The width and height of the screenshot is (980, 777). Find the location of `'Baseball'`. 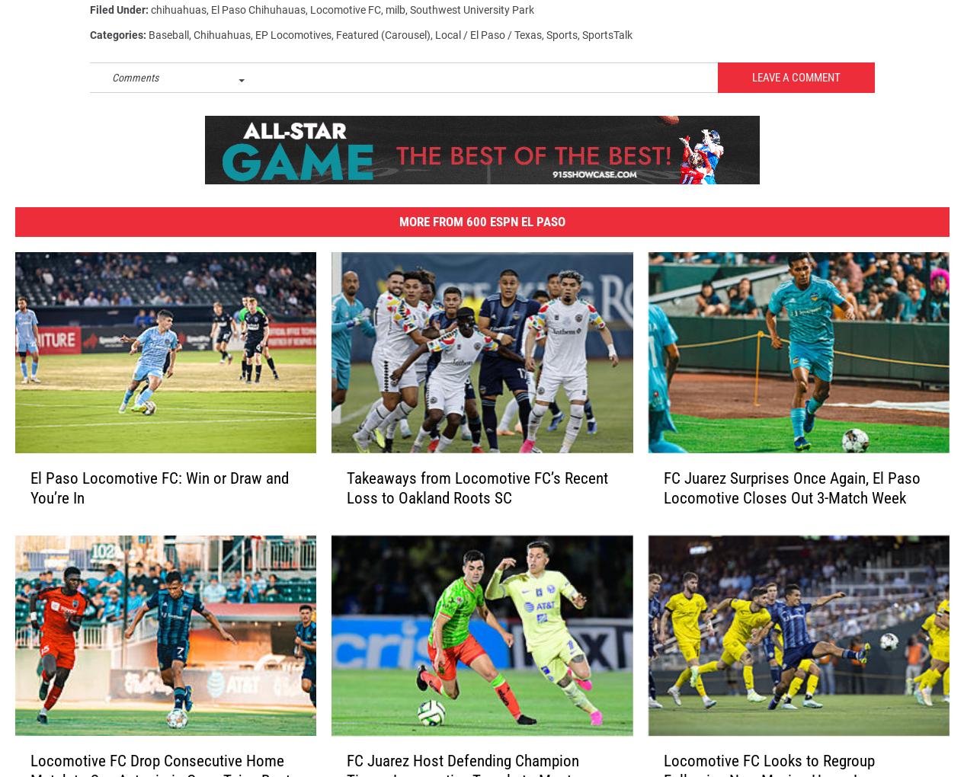

'Baseball' is located at coordinates (168, 41).